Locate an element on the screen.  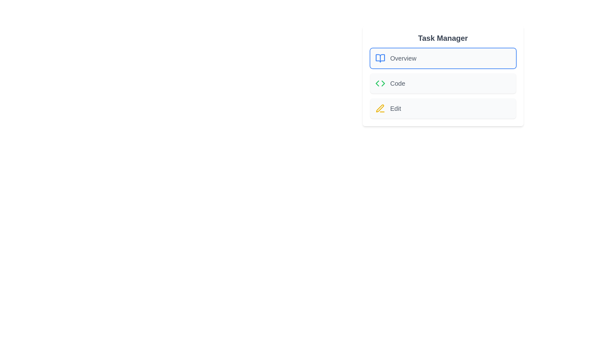
'Code' icon located at the top-left section of the rectangular card labeled 'Code' for context is located at coordinates (380, 83).